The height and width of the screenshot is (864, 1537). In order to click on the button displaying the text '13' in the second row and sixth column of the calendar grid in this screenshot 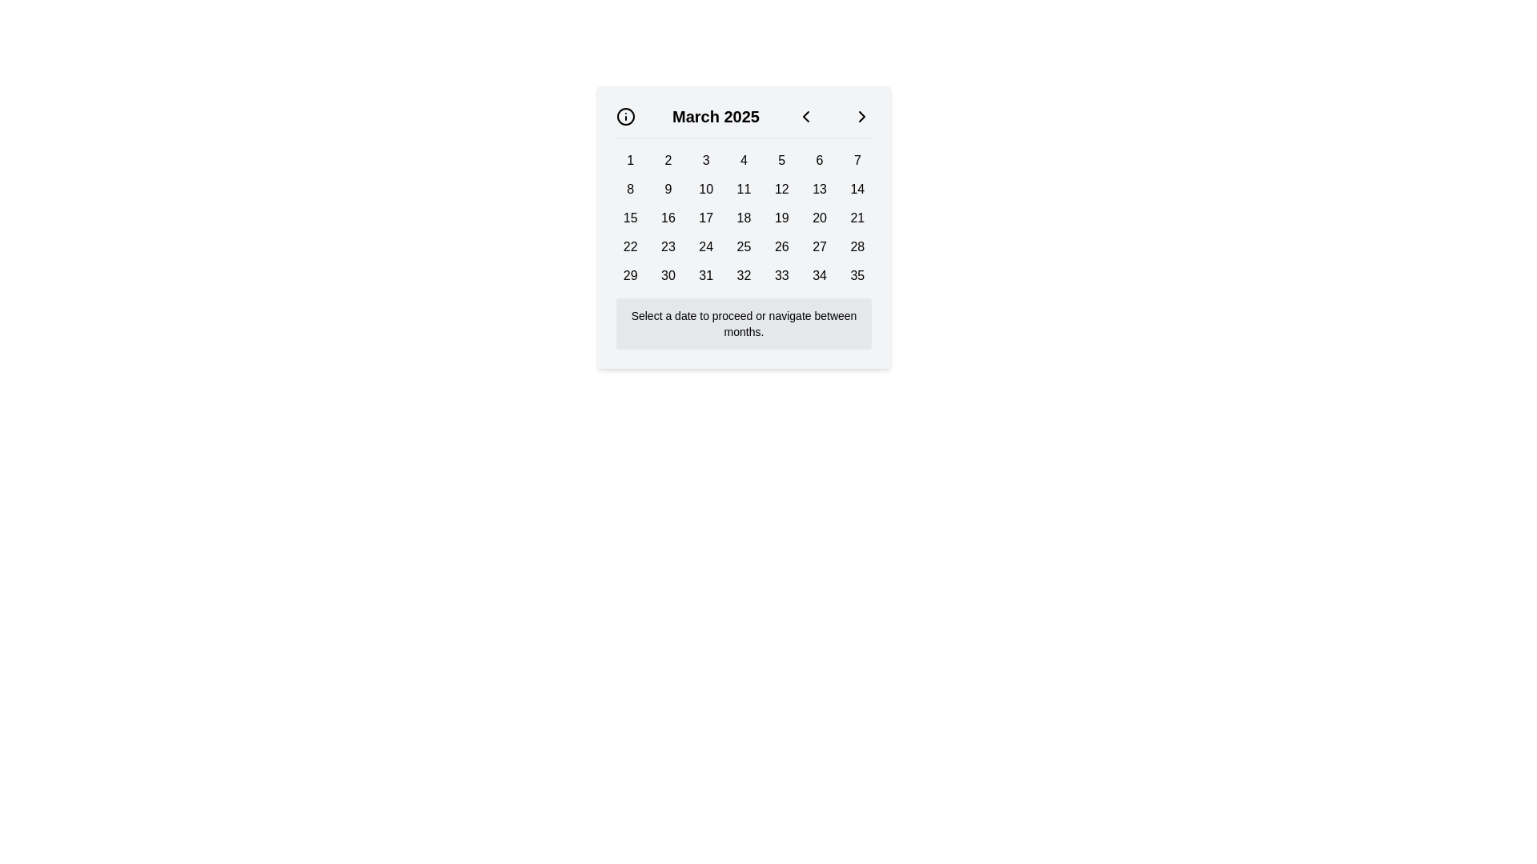, I will do `click(819, 188)`.